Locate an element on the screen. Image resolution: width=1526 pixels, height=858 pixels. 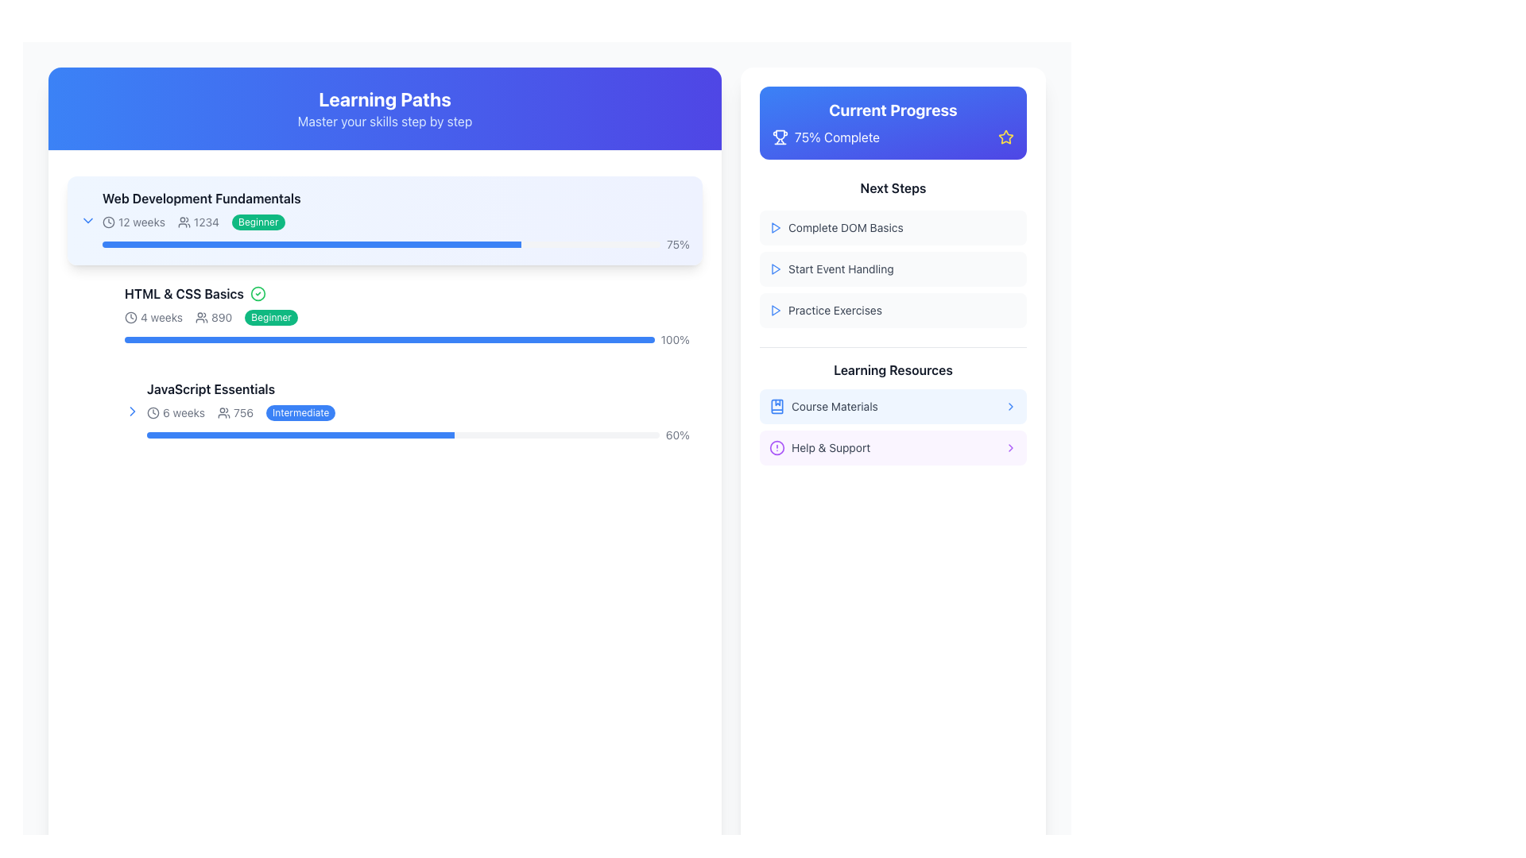
the Progress Indicator displaying '75% Complete' with trophy and star icons, which is located within the 'Current Progress' section is located at coordinates (893, 137).